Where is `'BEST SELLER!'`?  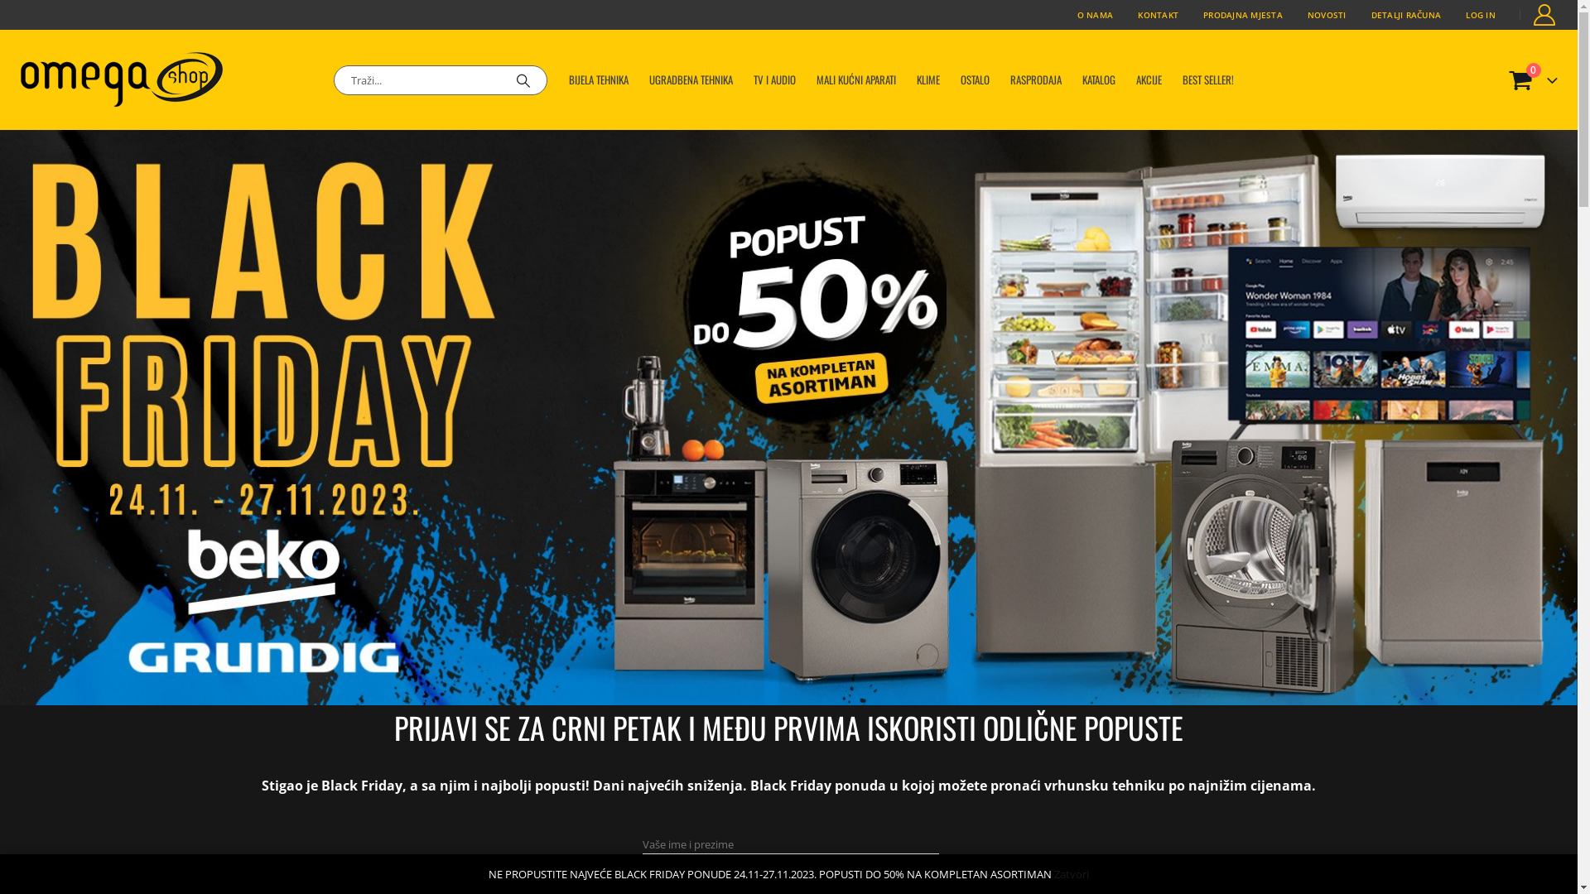
'BEST SELLER!' is located at coordinates (1208, 79).